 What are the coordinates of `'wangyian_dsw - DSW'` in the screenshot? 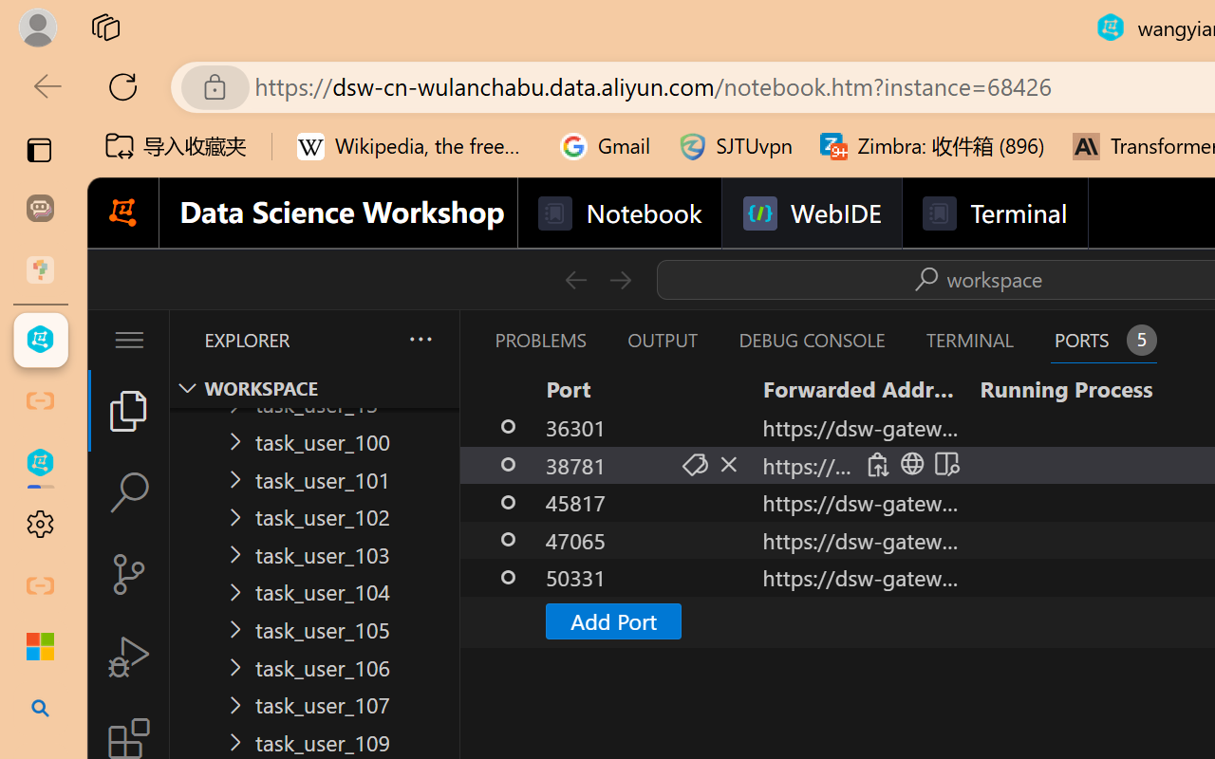 It's located at (40, 340).